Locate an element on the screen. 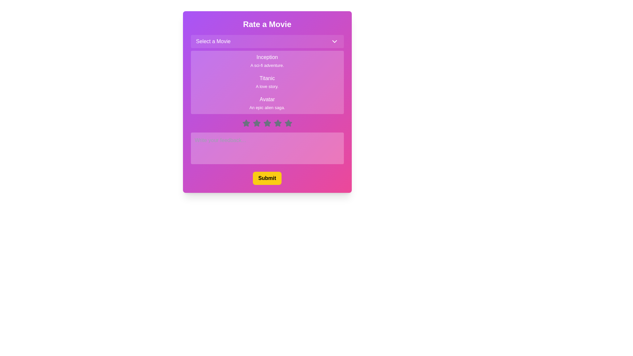 The image size is (633, 356). the list item displaying 'Titanic' in bold text is located at coordinates (267, 82).